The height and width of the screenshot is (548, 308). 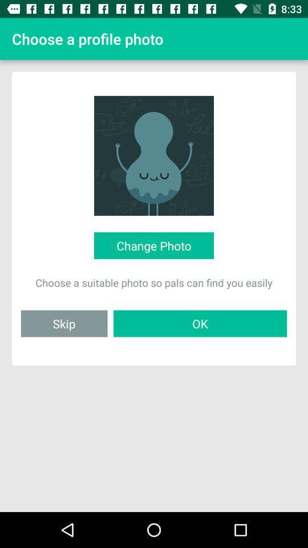 I want to click on the change photo icon, so click(x=154, y=245).